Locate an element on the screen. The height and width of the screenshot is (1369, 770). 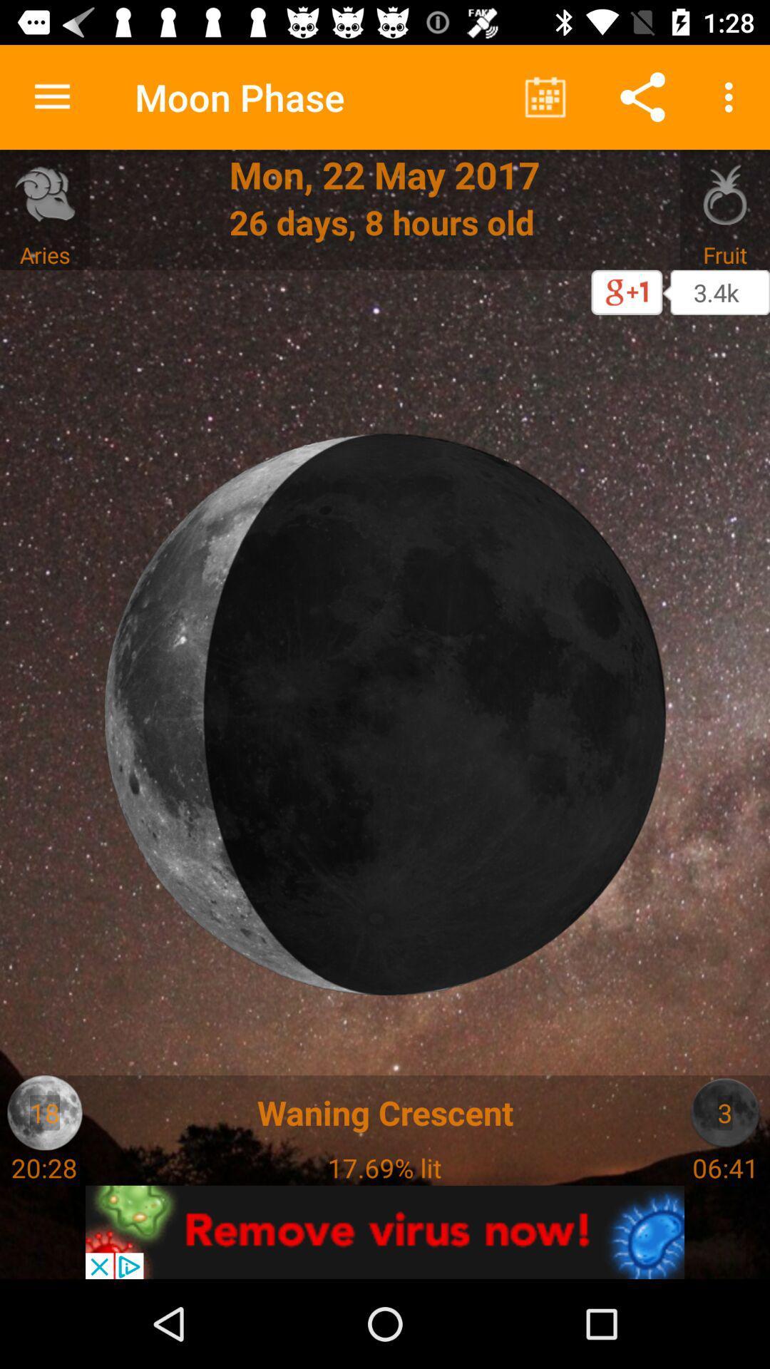
3 is located at coordinates (725, 1112).